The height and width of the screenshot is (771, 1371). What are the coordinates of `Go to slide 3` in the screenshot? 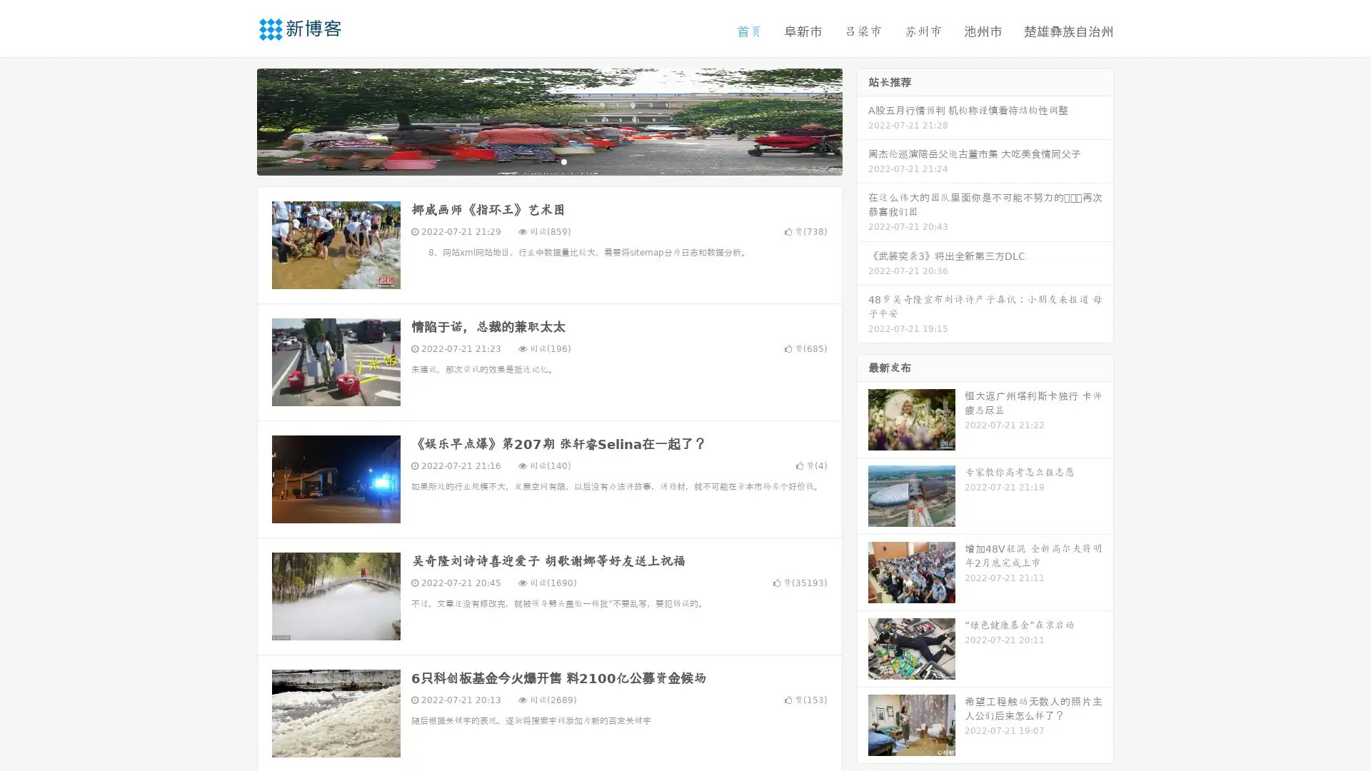 It's located at (563, 161).